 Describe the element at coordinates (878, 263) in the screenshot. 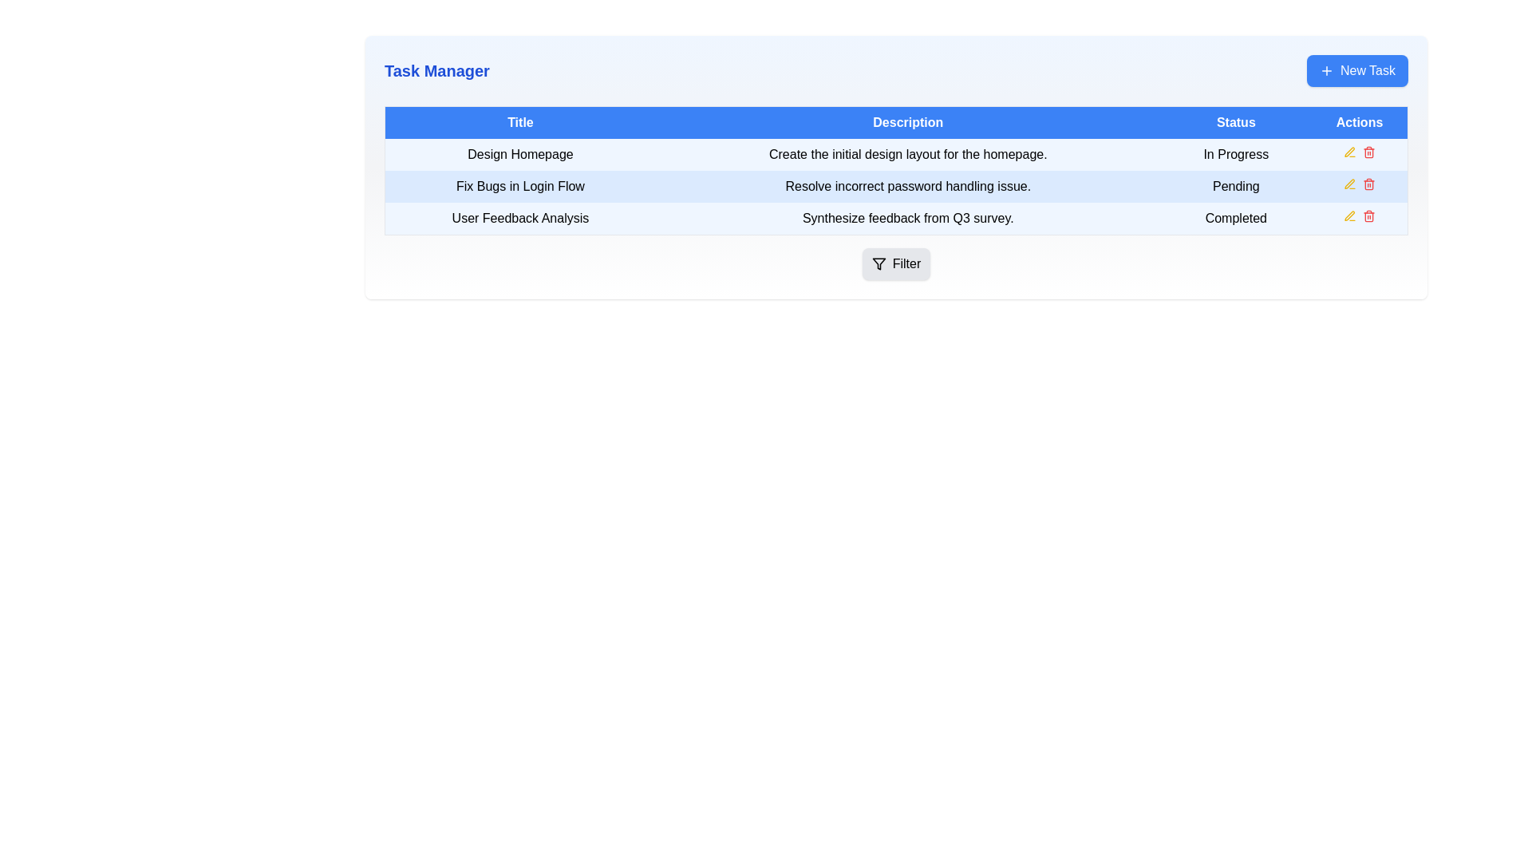

I see `the filter icon located in the button with the text label 'Filter' positioned in the right portion of the interface below the table layout` at that location.